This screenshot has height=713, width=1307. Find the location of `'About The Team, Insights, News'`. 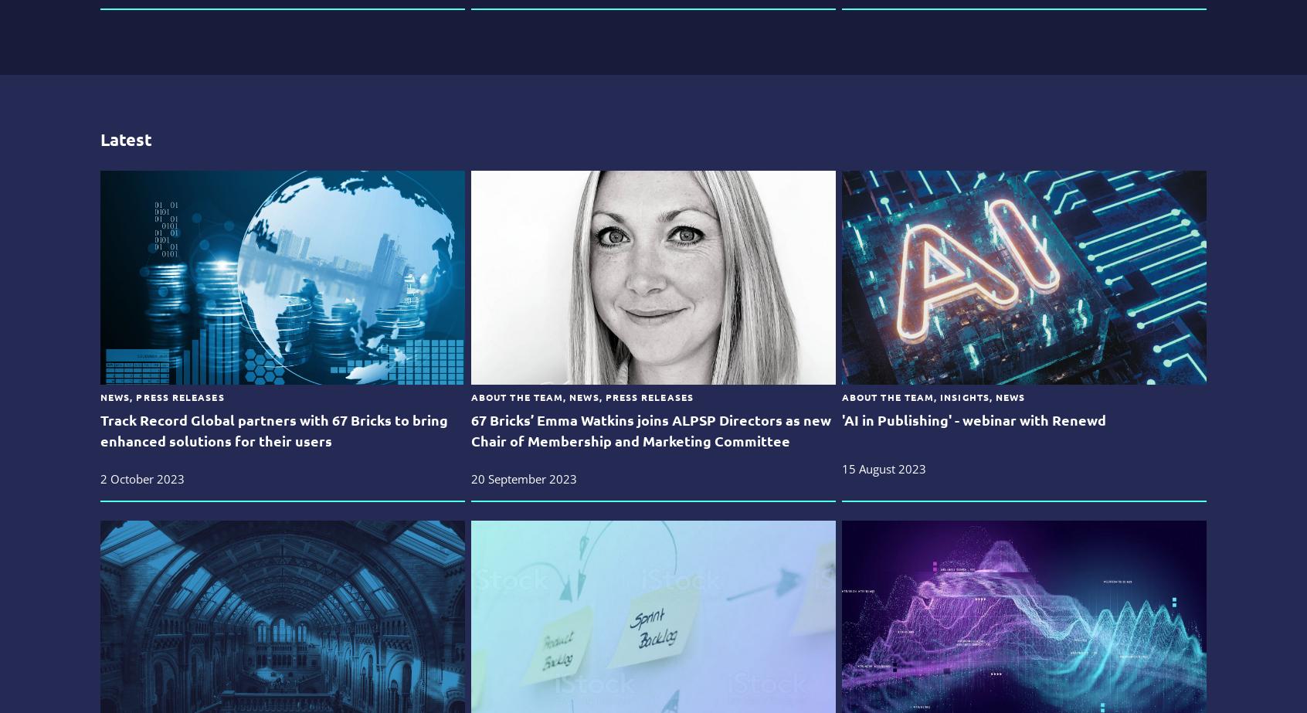

'About The Team, Insights, News' is located at coordinates (932, 396).